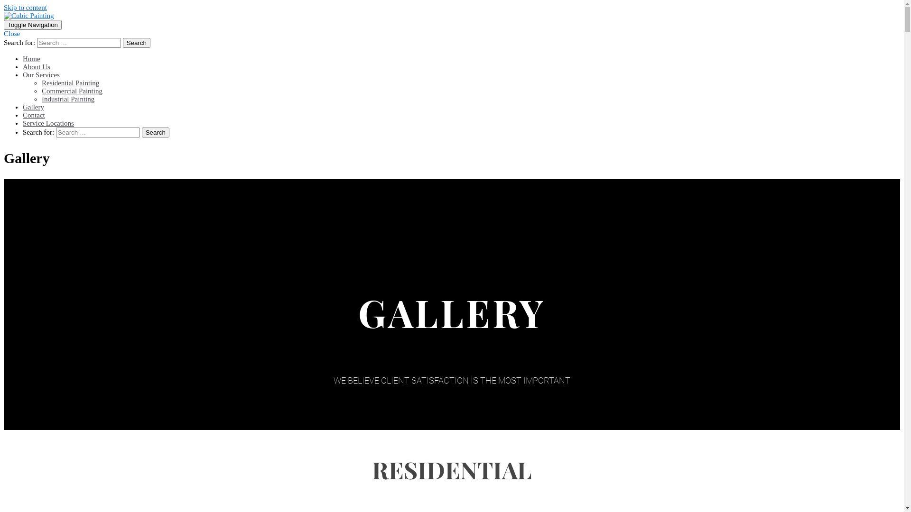  What do you see at coordinates (23, 66) in the screenshot?
I see `'About Us'` at bounding box center [23, 66].